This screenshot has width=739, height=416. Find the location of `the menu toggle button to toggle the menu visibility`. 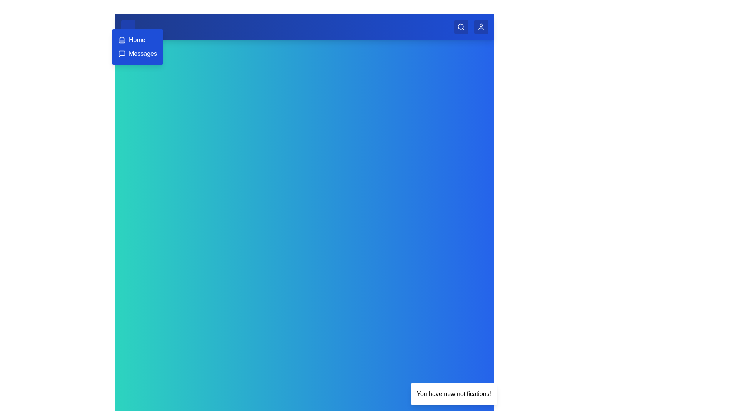

the menu toggle button to toggle the menu visibility is located at coordinates (128, 26).